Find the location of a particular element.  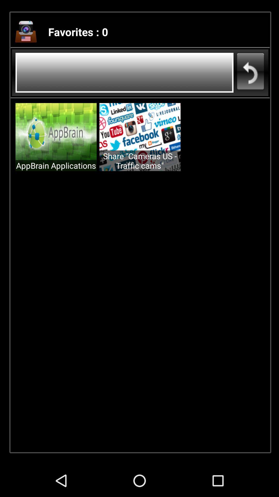

the appbrain applications item is located at coordinates (56, 165).